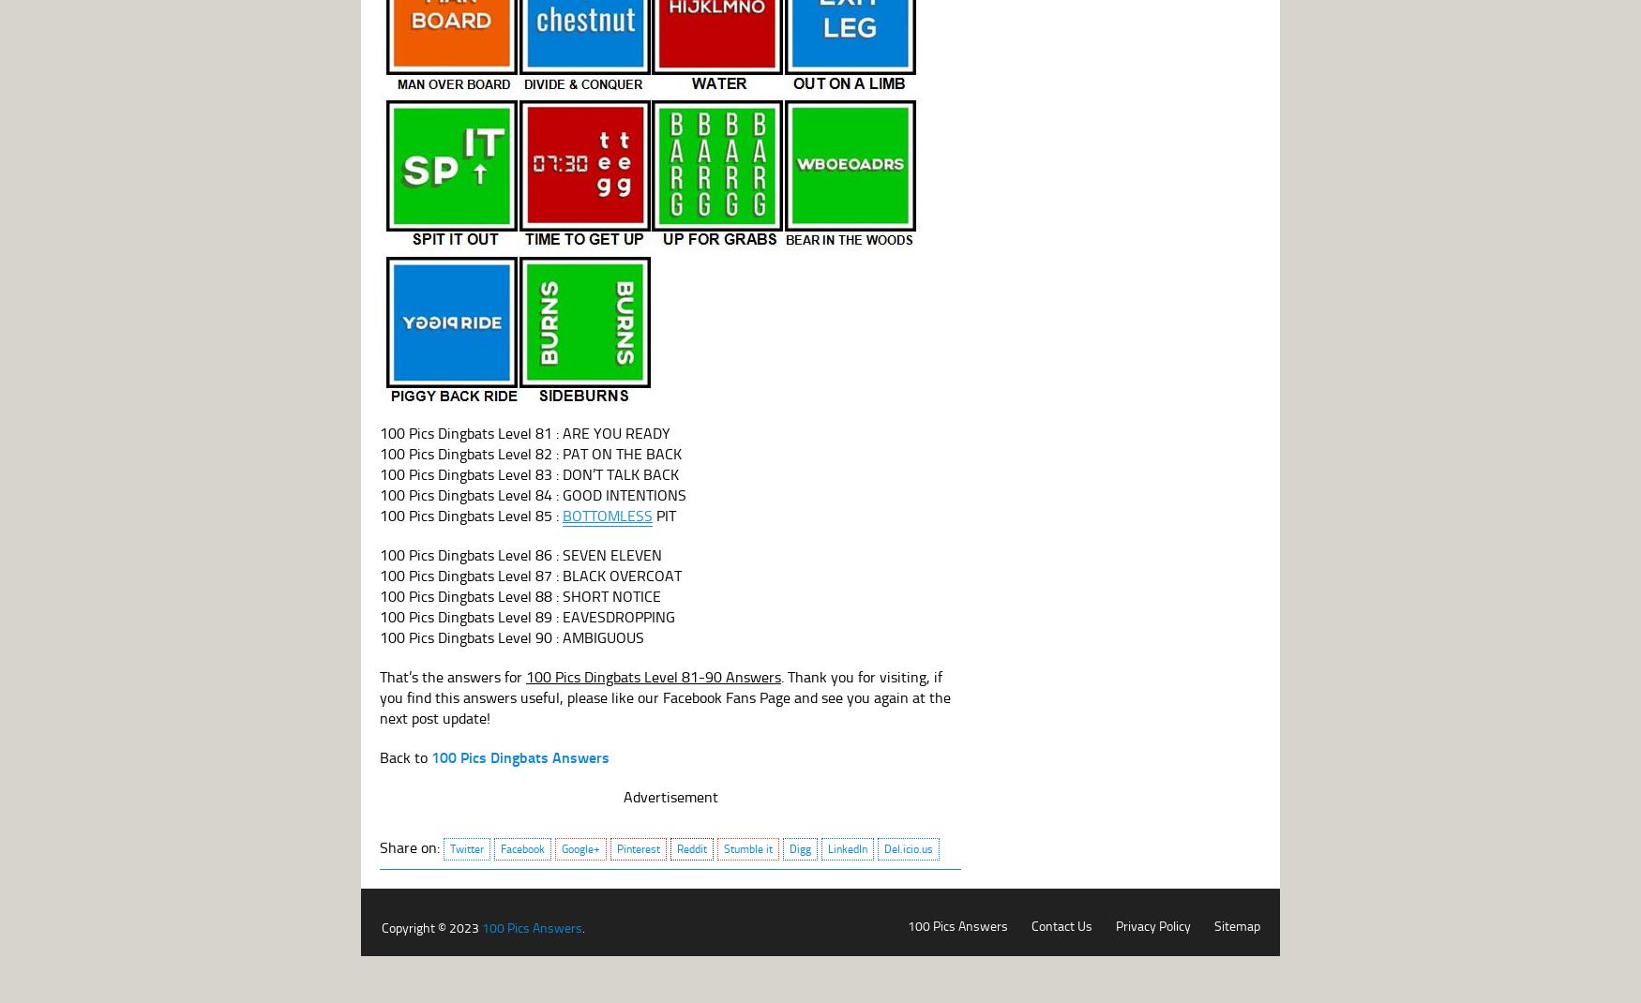 The height and width of the screenshot is (1003, 1641). Describe the element at coordinates (378, 636) in the screenshot. I see `'100 Pics Dingbats Level 90 : AMBIGUOUS'` at that location.